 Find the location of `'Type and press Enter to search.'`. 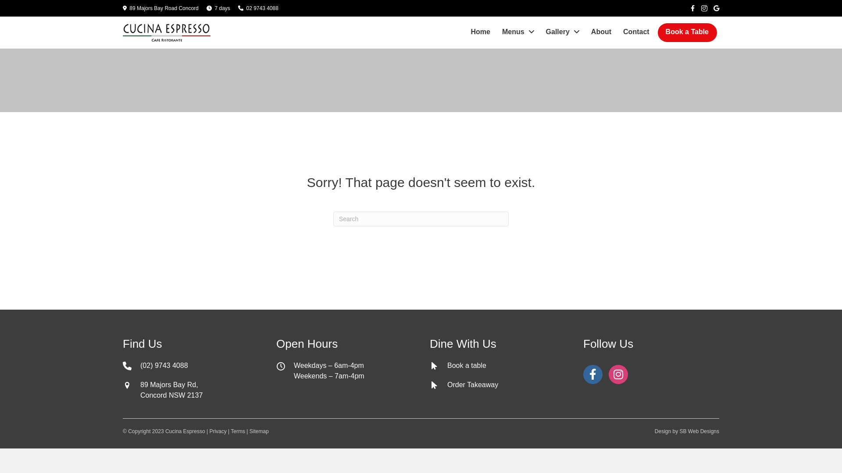

'Type and press Enter to search.' is located at coordinates (421, 219).